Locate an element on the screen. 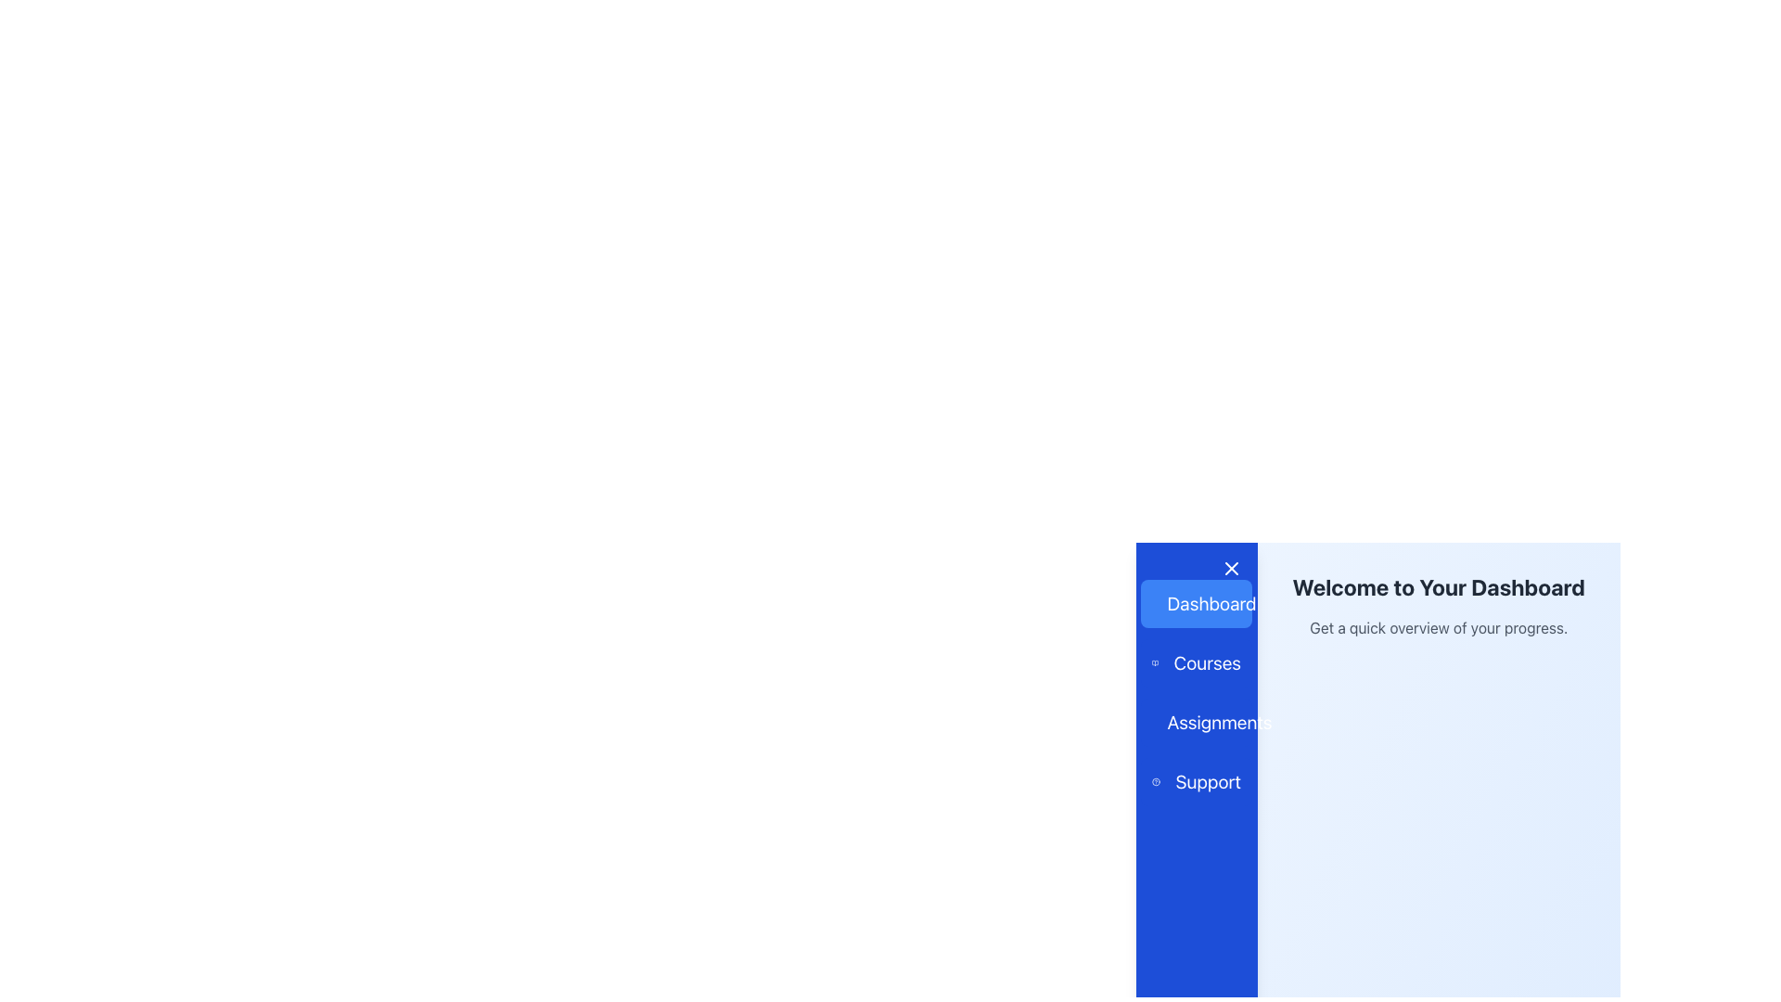 The height and width of the screenshot is (1002, 1781). the blue rounded button labeled 'Assignments' in the vertical navigation menu is located at coordinates (1197, 722).